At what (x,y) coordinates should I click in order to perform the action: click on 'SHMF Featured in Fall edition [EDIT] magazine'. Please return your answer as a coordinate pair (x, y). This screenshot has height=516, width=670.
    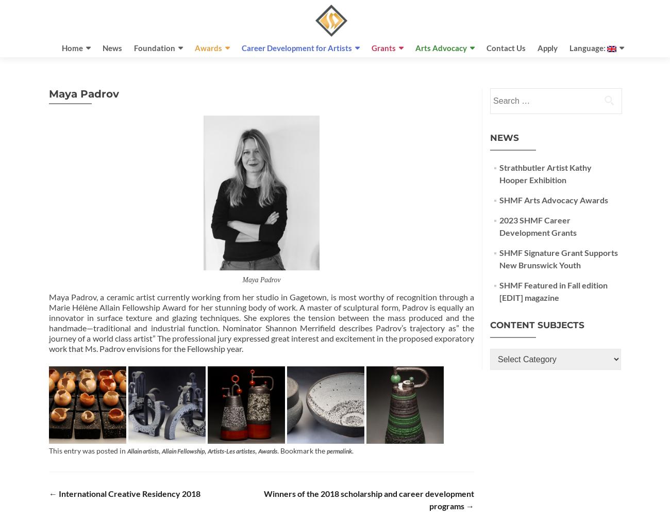
    Looking at the image, I should click on (553, 291).